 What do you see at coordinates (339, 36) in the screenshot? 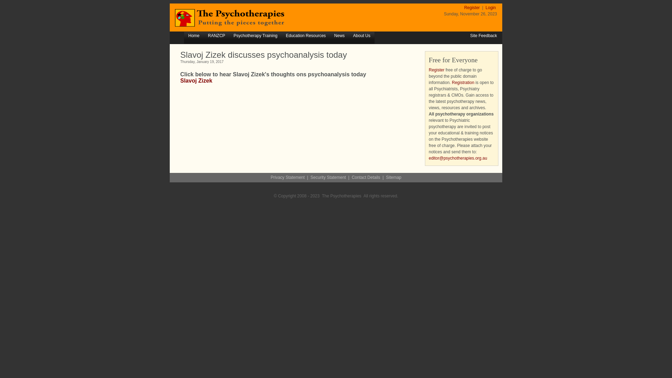
I see `'News'` at bounding box center [339, 36].